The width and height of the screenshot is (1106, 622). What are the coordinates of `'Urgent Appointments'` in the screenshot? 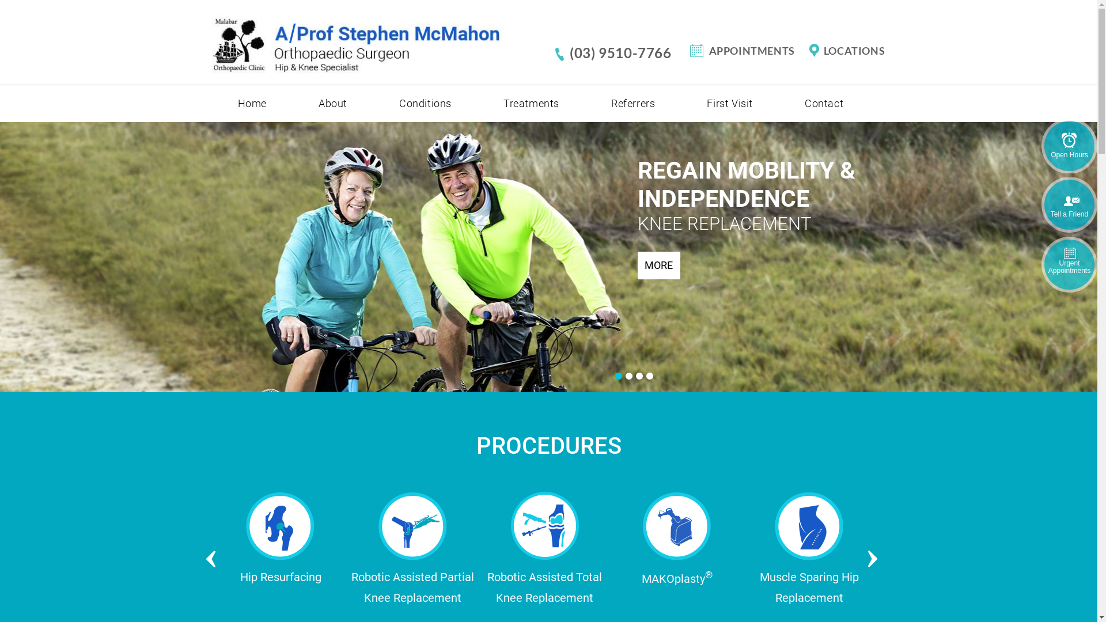 It's located at (1069, 264).